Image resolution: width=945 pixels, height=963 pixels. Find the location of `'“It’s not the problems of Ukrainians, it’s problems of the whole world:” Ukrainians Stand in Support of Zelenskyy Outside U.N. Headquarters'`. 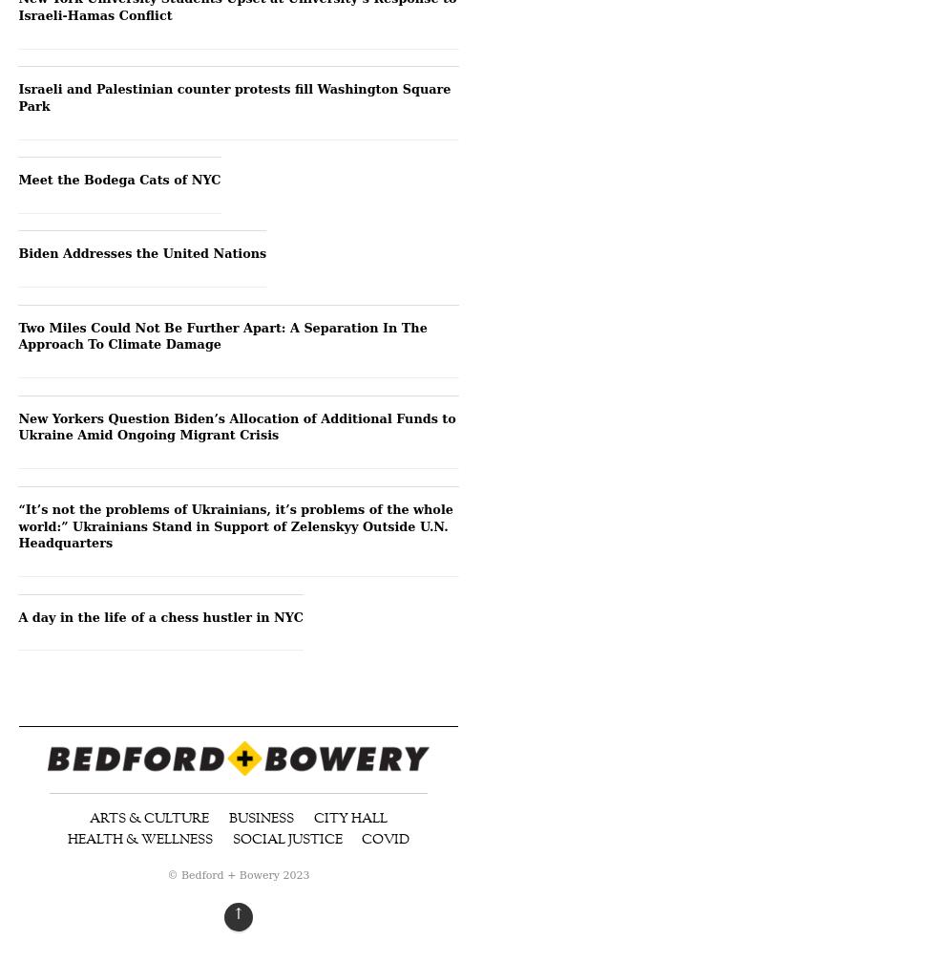

'“It’s not the problems of Ukrainians, it’s problems of the whole world:” Ukrainians Stand in Support of Zelenskyy Outside U.N. Headquarters' is located at coordinates (17, 525).